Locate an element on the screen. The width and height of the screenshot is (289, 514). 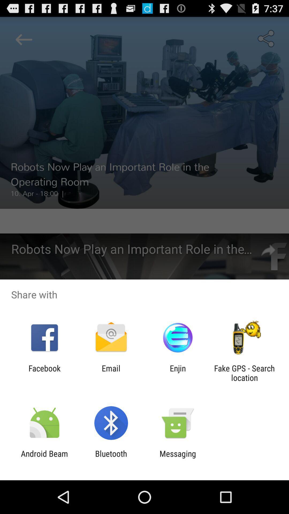
icon at the bottom right corner is located at coordinates (244, 373).